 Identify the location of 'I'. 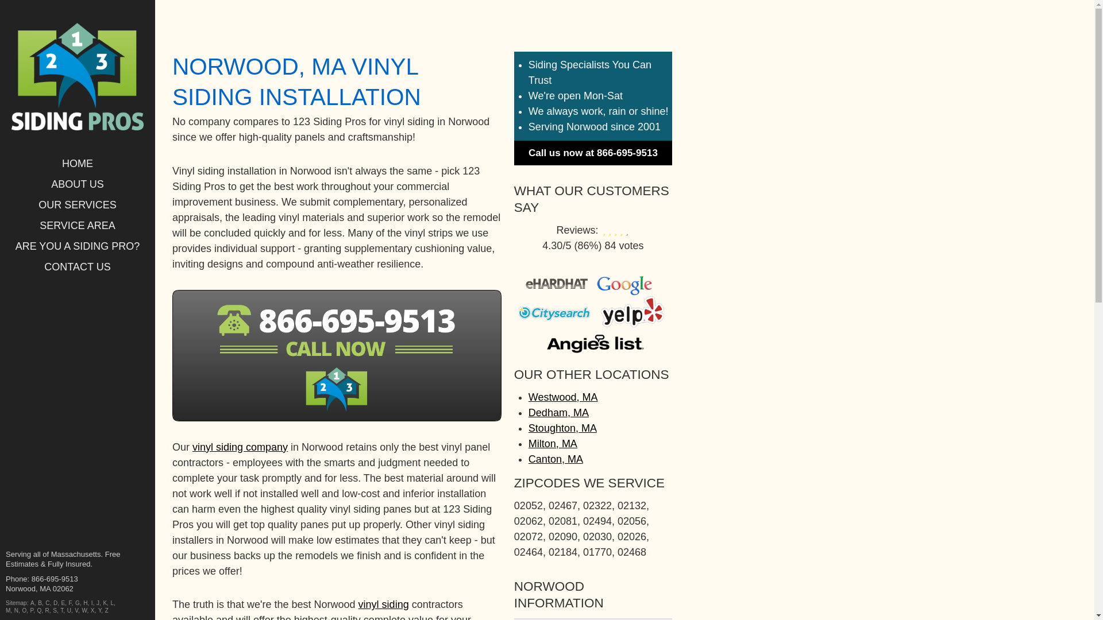
(90, 602).